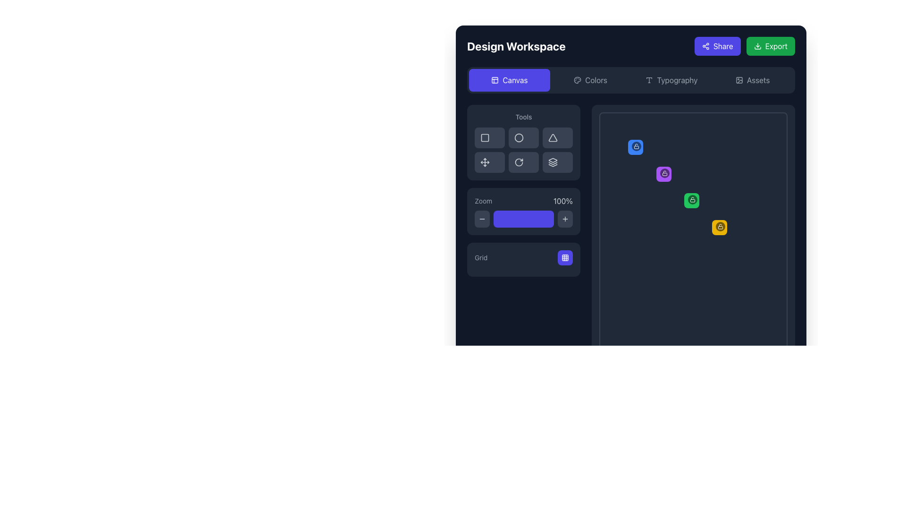 Image resolution: width=906 pixels, height=510 pixels. Describe the element at coordinates (553, 138) in the screenshot. I see `the triangular icon outlined with a thick gray border located in the 'Tools' section of the sidebar` at that location.